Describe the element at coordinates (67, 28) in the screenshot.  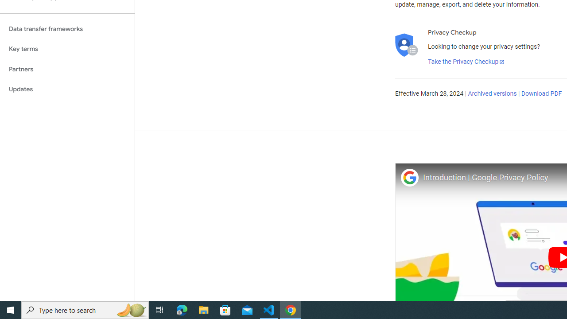
I see `'Data transfer frameworks'` at that location.